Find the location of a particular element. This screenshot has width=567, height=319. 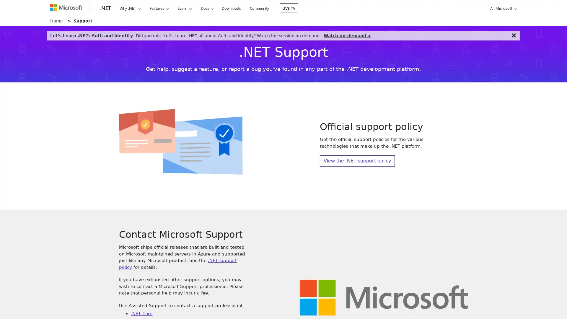

close is located at coordinates (513, 35).